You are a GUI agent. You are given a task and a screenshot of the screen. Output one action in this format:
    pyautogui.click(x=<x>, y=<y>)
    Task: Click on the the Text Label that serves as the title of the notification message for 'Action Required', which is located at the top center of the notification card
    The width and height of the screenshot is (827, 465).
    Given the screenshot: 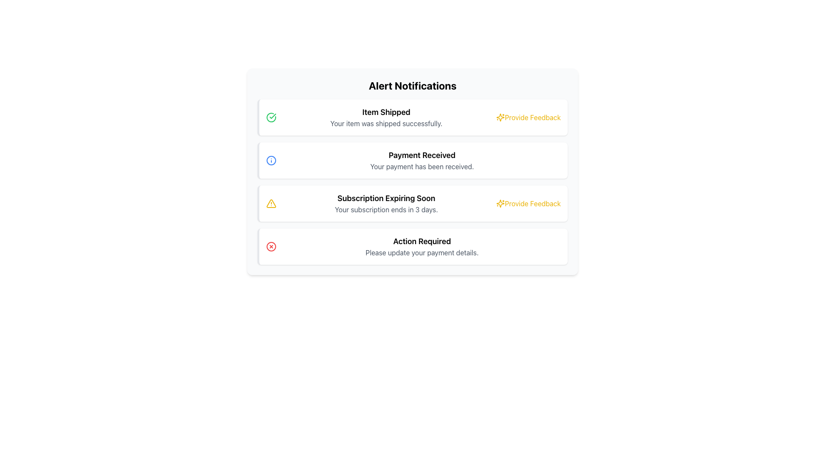 What is the action you would take?
    pyautogui.click(x=422, y=241)
    